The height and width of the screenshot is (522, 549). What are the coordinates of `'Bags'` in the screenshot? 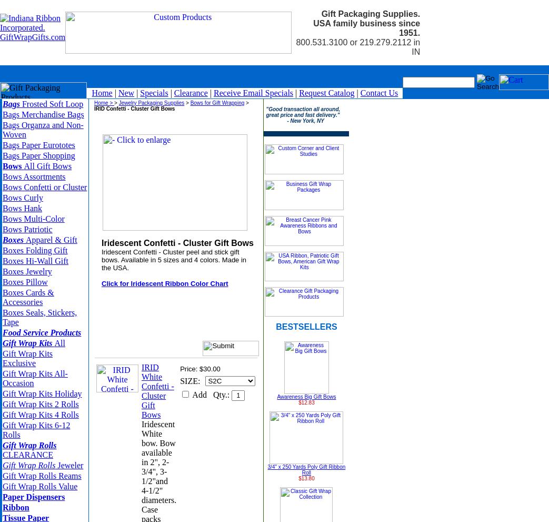 It's located at (12, 103).